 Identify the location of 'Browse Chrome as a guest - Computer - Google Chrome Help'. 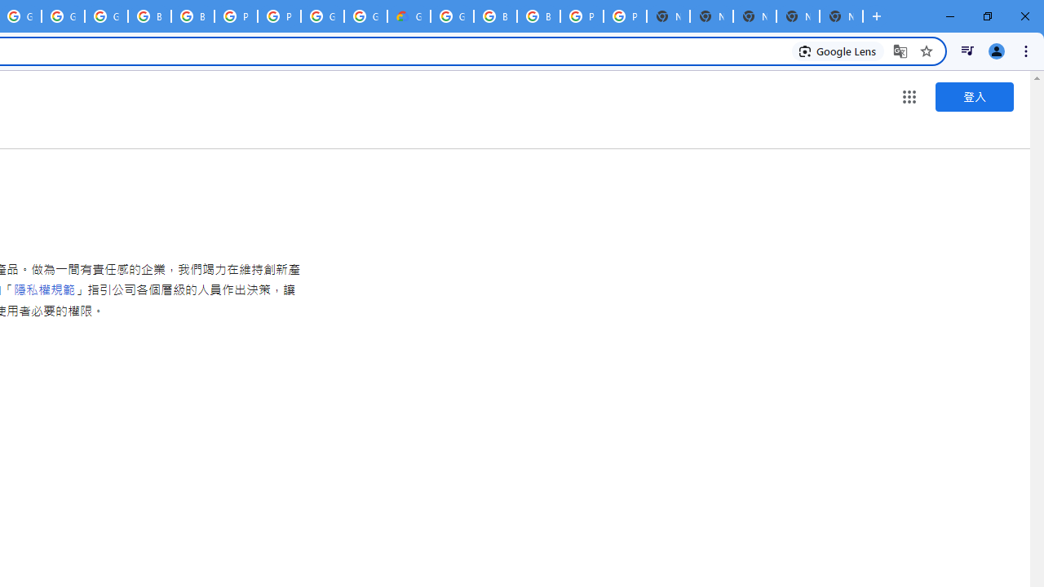
(192, 16).